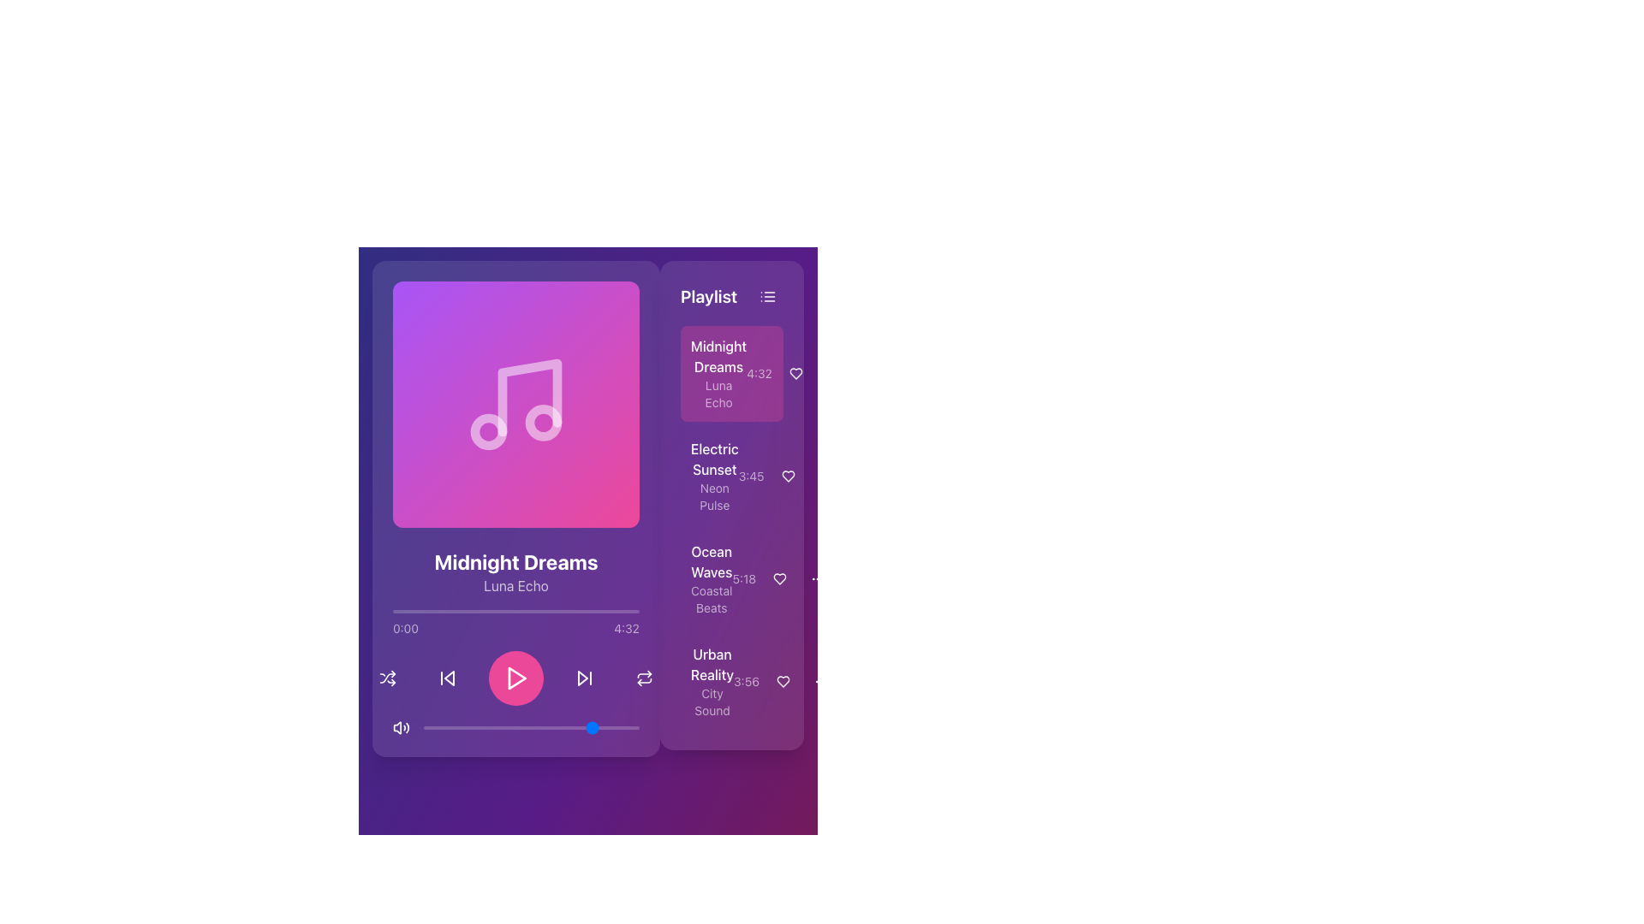  What do you see at coordinates (515, 678) in the screenshot?
I see `the circular pink button with a white play icon located beneath the progress bar of the music player interface for keyboard interactions` at bounding box center [515, 678].